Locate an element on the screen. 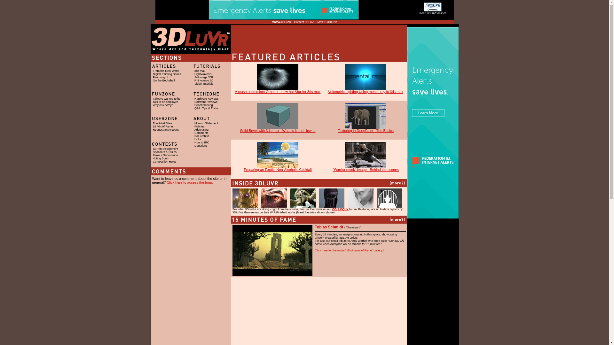 This screenshot has height=345, width=614. 'Click here to access the form.' is located at coordinates (189, 182).